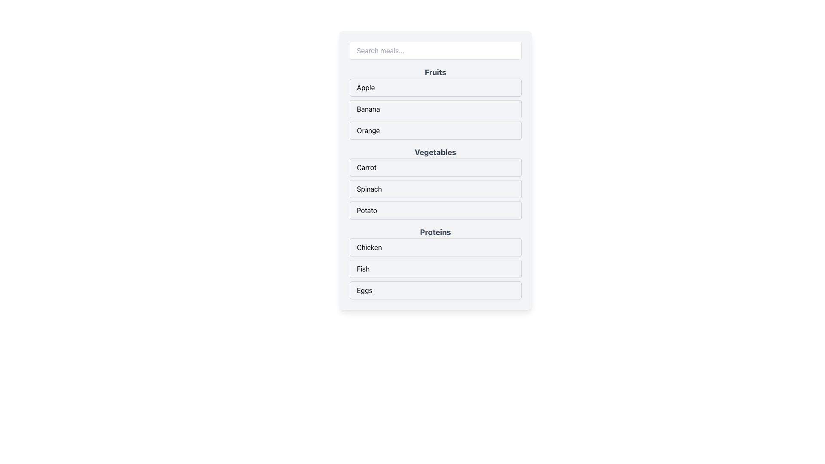  I want to click on the Text Label displaying 'Eggs', which is the last item in the 'Proteins' category, located below 'Fish' in the category list, so click(364, 290).